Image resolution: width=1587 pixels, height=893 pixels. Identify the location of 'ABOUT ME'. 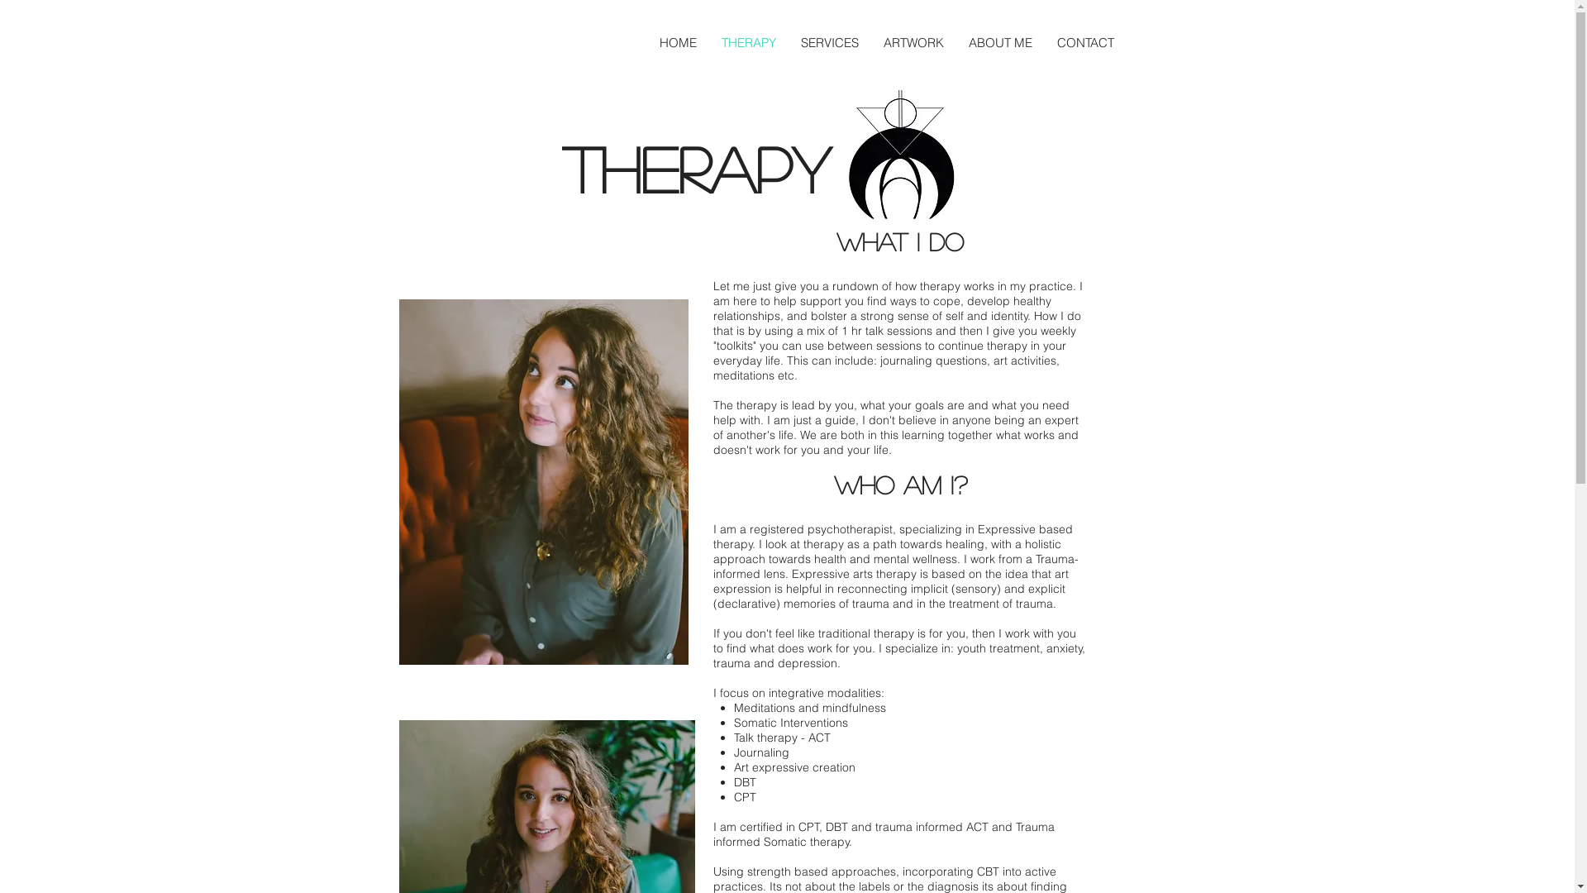
(998, 41).